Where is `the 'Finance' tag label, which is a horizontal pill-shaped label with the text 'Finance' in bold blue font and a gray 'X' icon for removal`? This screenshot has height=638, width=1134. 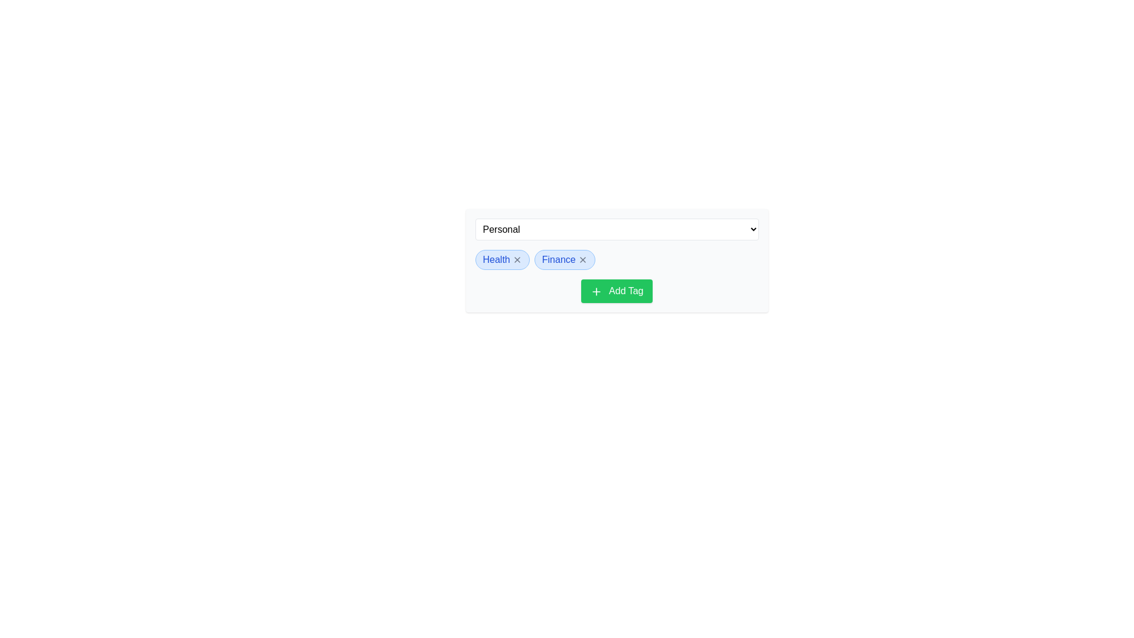 the 'Finance' tag label, which is a horizontal pill-shaped label with the text 'Finance' in bold blue font and a gray 'X' icon for removal is located at coordinates (564, 259).